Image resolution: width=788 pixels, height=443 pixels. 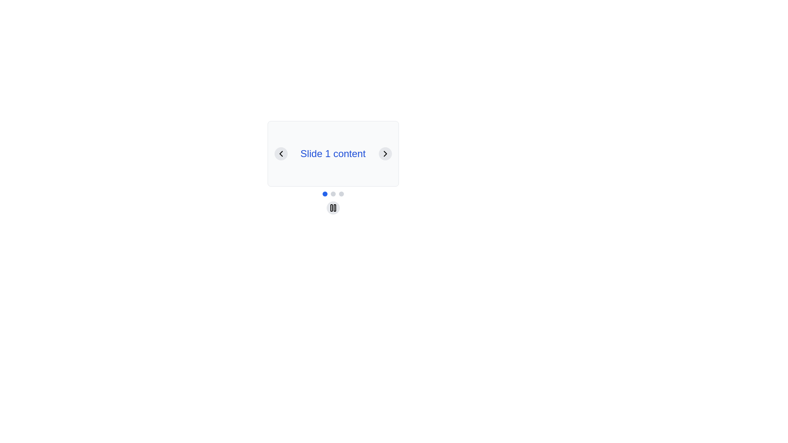 I want to click on the left-facing chevron navigation icon, which is a button-like element located to the left of the text 'Slide 1 content' within a card, so click(x=281, y=153).